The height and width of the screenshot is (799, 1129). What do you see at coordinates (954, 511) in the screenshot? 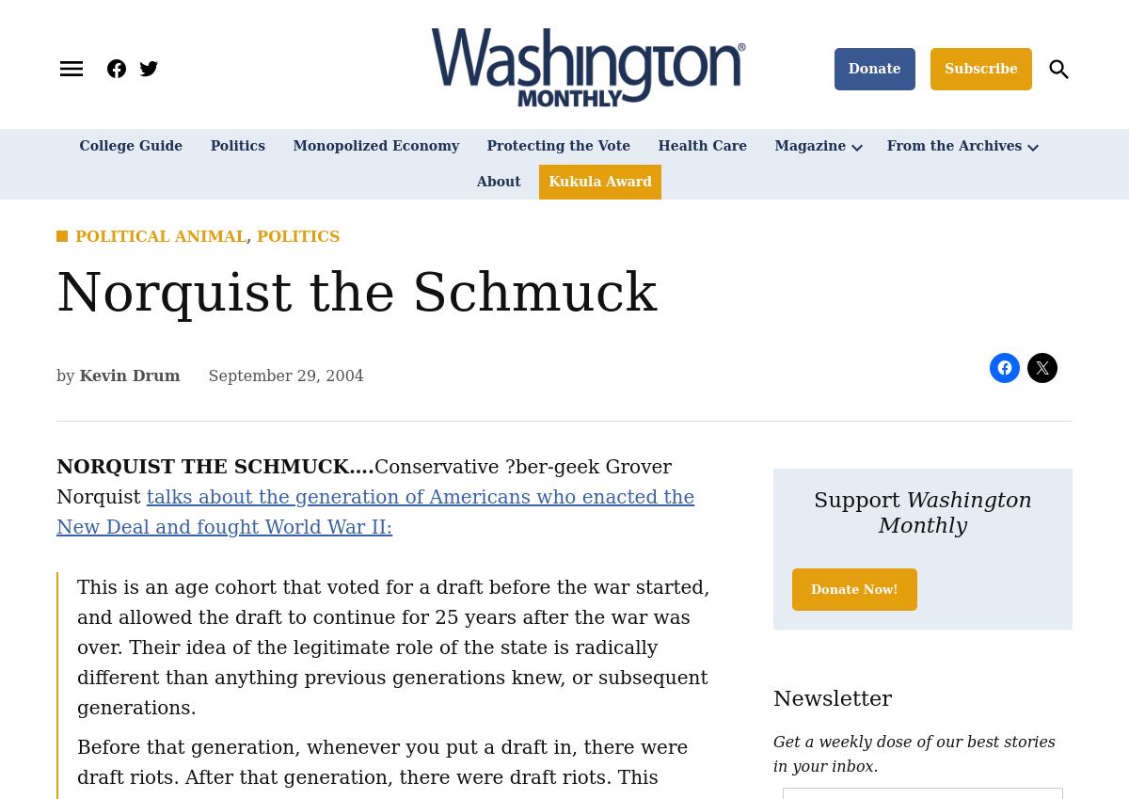
I see `'Washington Monthly'` at bounding box center [954, 511].